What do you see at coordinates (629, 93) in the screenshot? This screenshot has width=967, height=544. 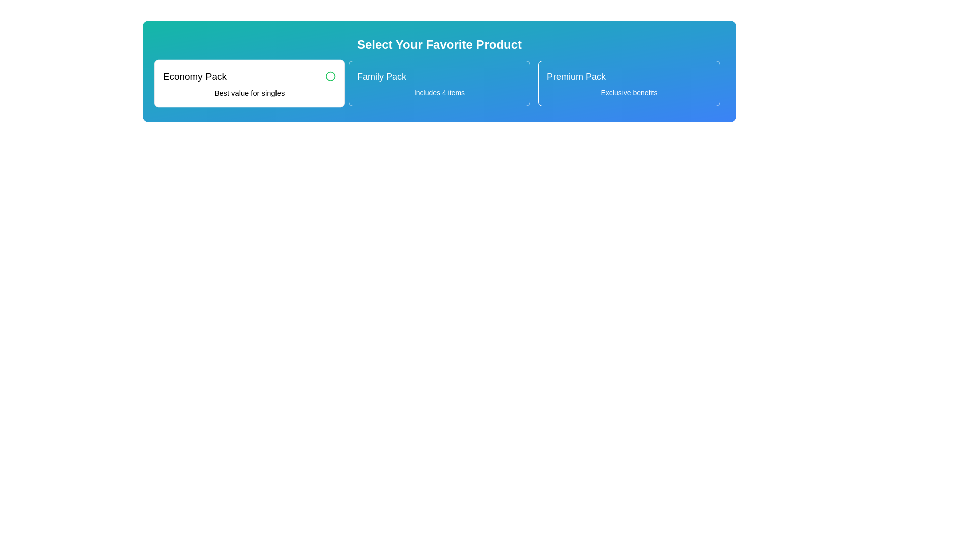 I see `the second textual element within the 'Premium Pack' card, which provides a brief description of the additional benefits offered under this option` at bounding box center [629, 93].